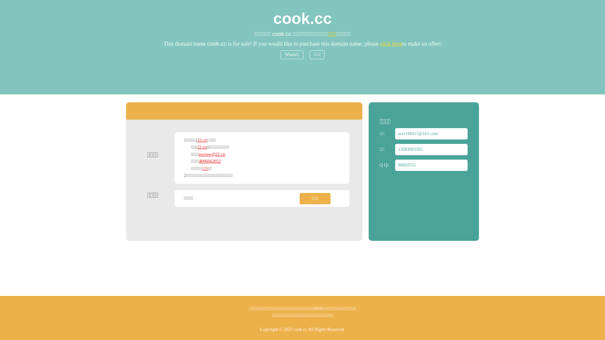 Image resolution: width=605 pixels, height=340 pixels. Describe the element at coordinates (391, 43) in the screenshot. I see `'click here'` at that location.